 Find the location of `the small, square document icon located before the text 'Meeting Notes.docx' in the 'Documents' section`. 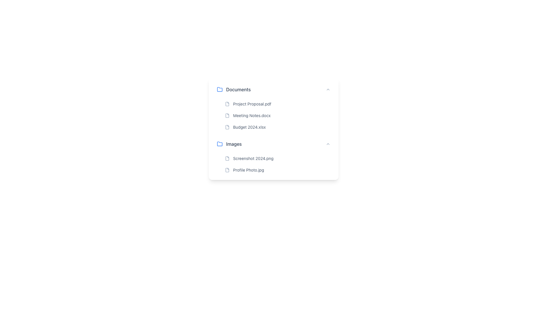

the small, square document icon located before the text 'Meeting Notes.docx' in the 'Documents' section is located at coordinates (227, 115).